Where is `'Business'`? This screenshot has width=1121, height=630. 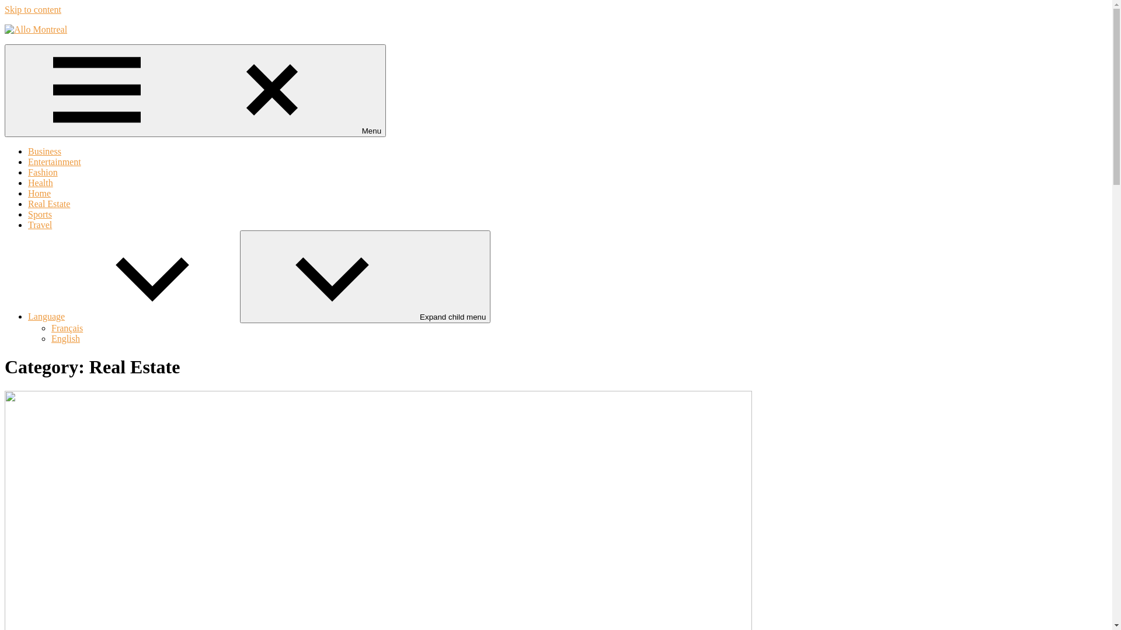
'Business' is located at coordinates (28, 150).